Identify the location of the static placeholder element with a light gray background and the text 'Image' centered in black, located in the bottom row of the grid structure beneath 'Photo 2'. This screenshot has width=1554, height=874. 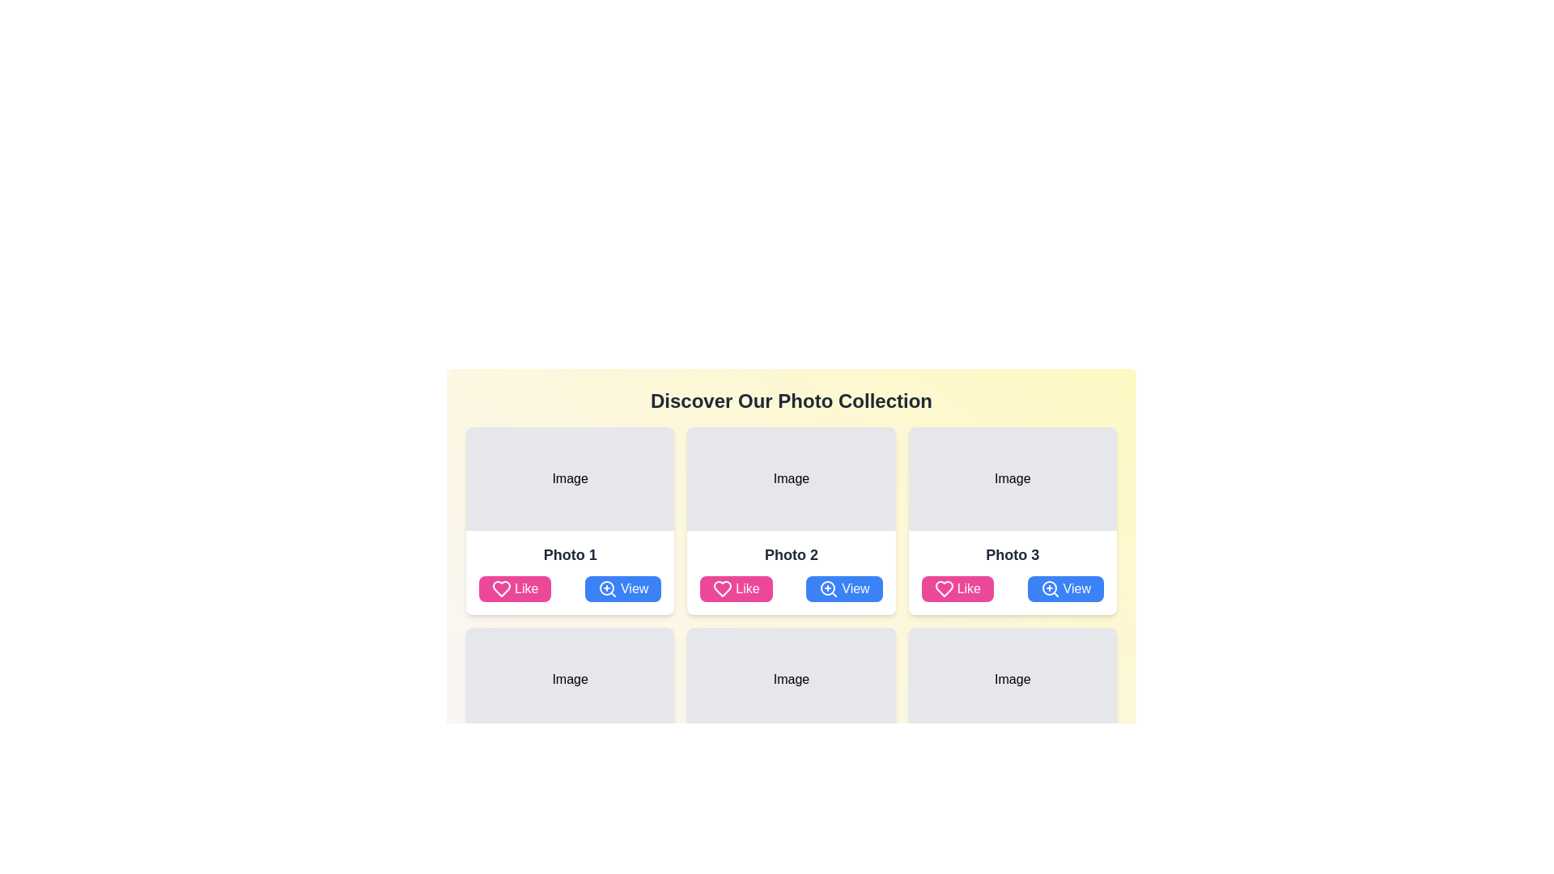
(792, 680).